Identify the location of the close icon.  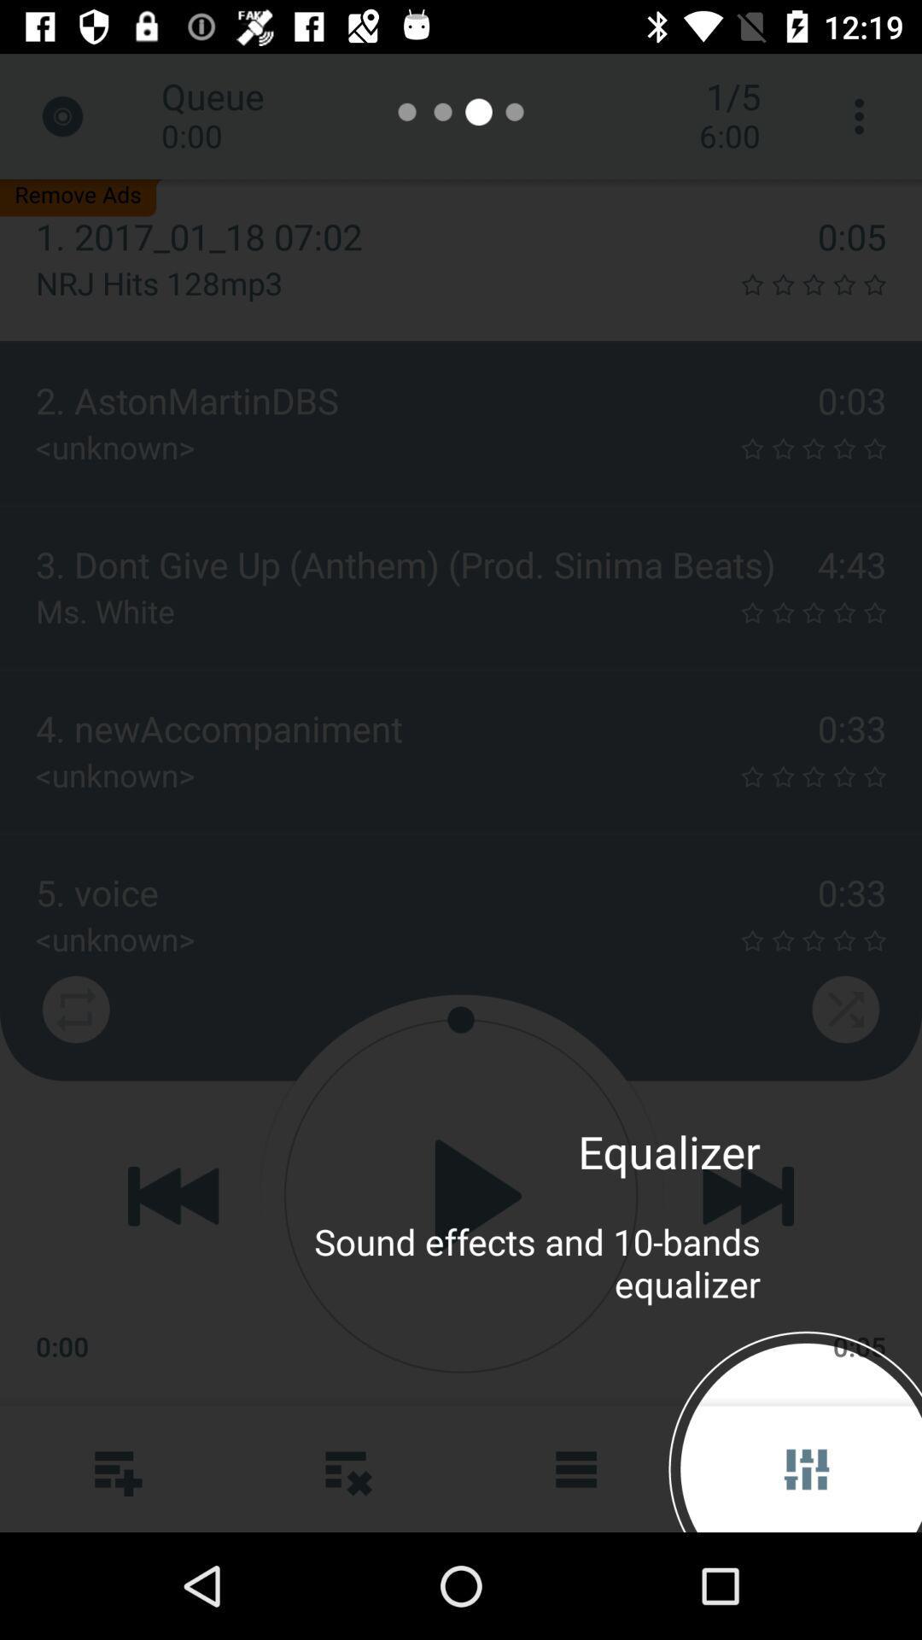
(845, 1012).